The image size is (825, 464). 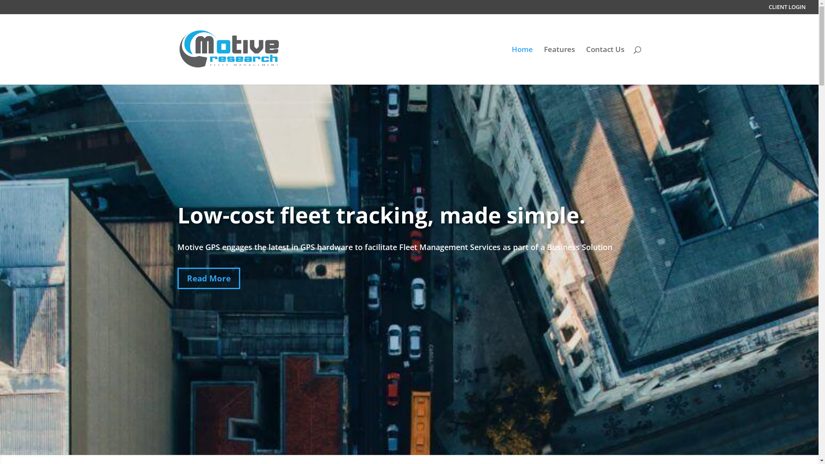 What do you see at coordinates (787, 9) in the screenshot?
I see `'CLIENT LOGIN'` at bounding box center [787, 9].